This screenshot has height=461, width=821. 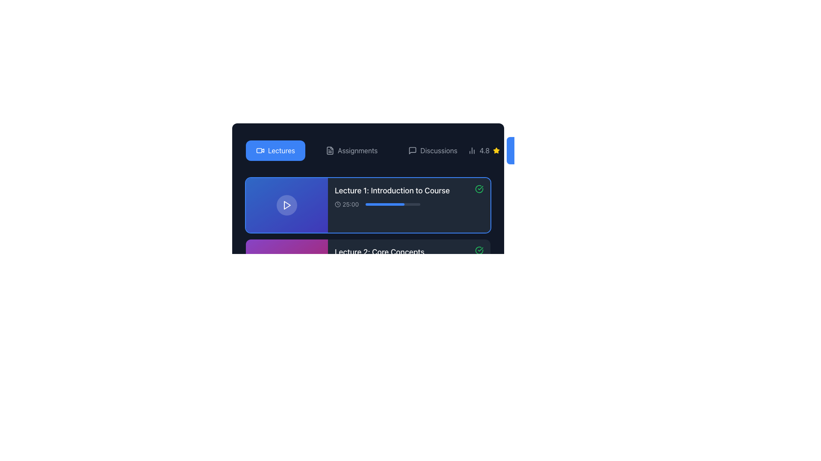 I want to click on the bar chart icon located on the right side of the top bar, which is the first icon to the left of the numerical rating display '4.8', so click(x=471, y=150).